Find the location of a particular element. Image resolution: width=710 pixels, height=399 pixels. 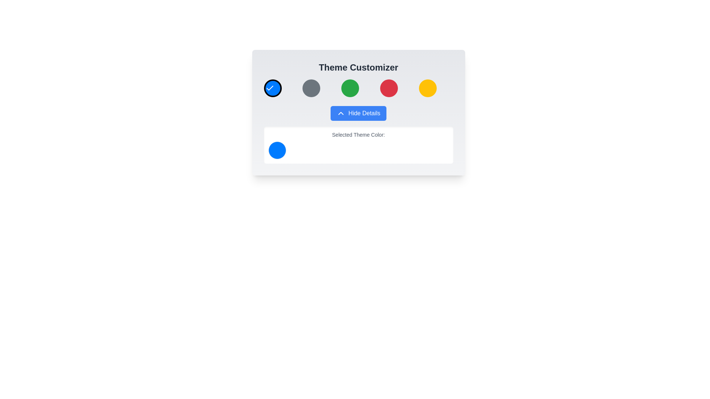

the third circular color button (green) in the Theme Customizer section is located at coordinates (358, 88).